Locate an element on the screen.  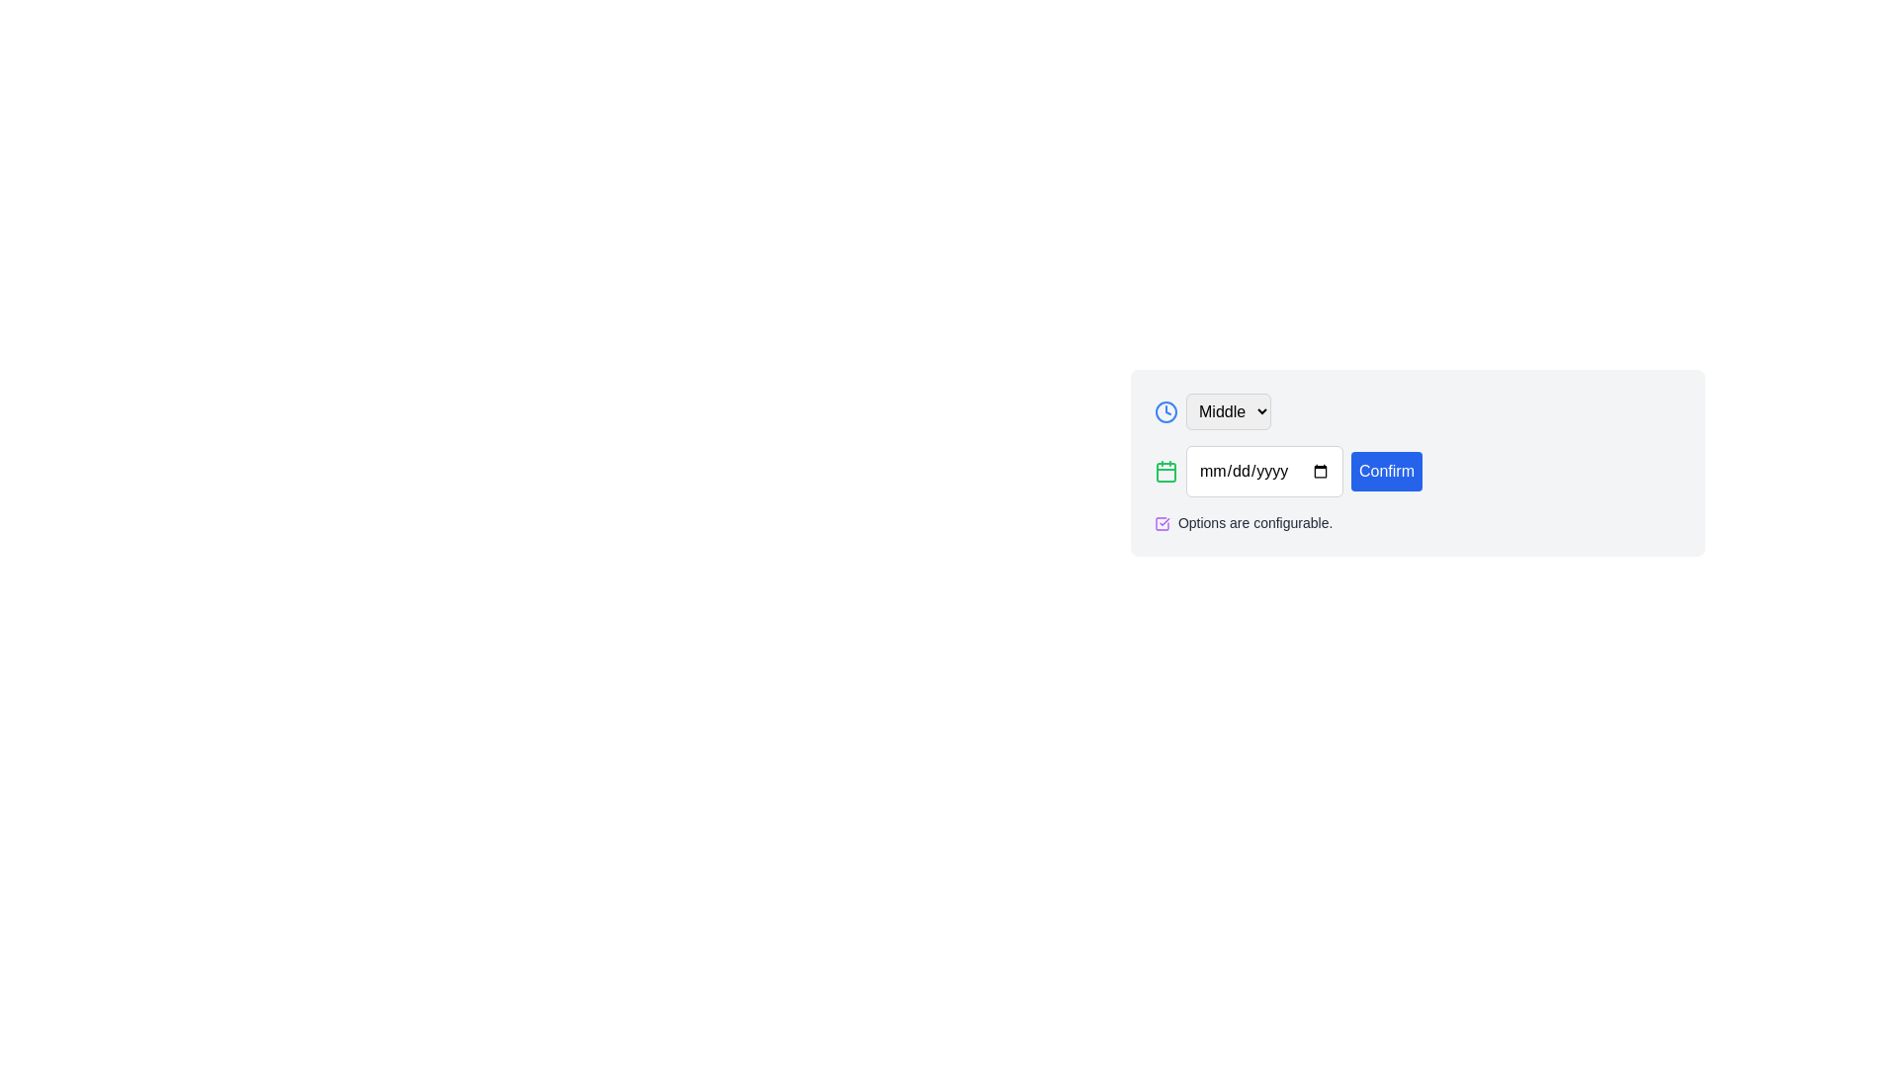
the confirm button located to the right of the date input field to change its background color is located at coordinates (1385, 472).